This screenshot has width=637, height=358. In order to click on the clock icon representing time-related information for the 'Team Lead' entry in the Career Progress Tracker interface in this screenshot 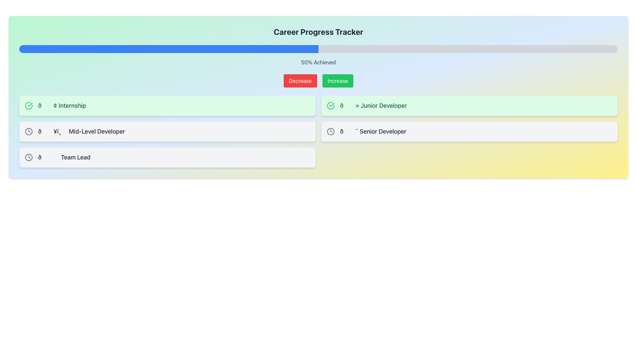, I will do `click(28, 132)`.